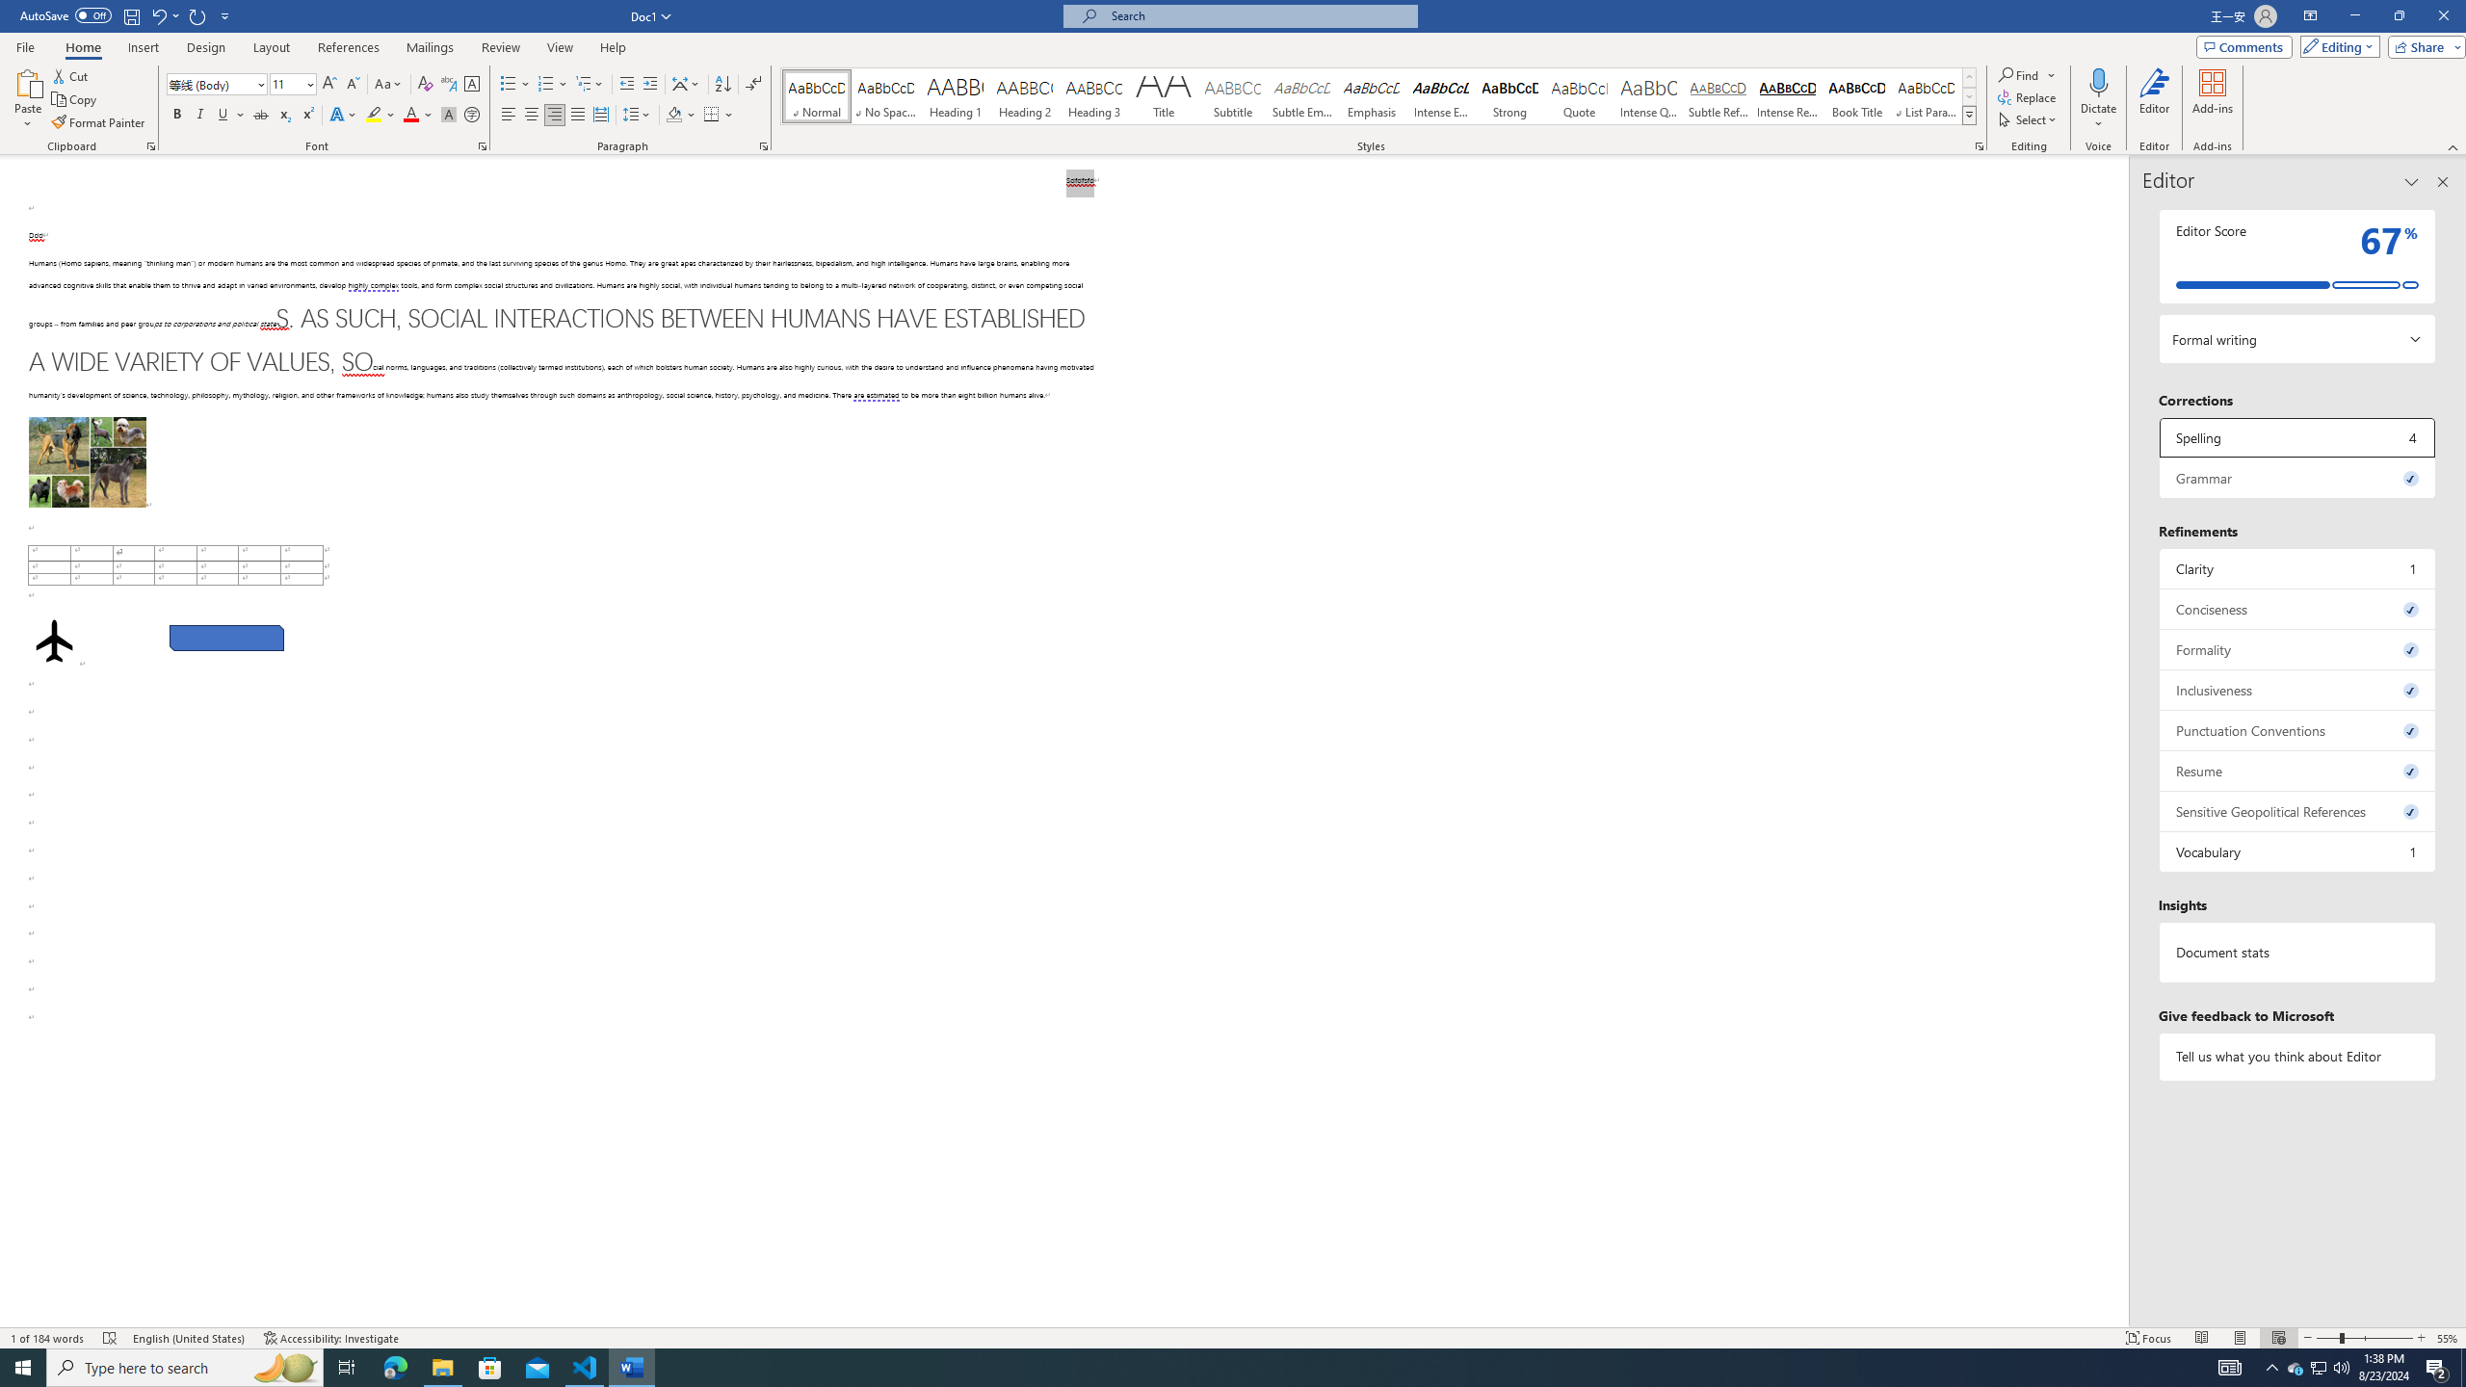 This screenshot has height=1387, width=2466. What do you see at coordinates (1718, 95) in the screenshot?
I see `'Subtle Reference'` at bounding box center [1718, 95].